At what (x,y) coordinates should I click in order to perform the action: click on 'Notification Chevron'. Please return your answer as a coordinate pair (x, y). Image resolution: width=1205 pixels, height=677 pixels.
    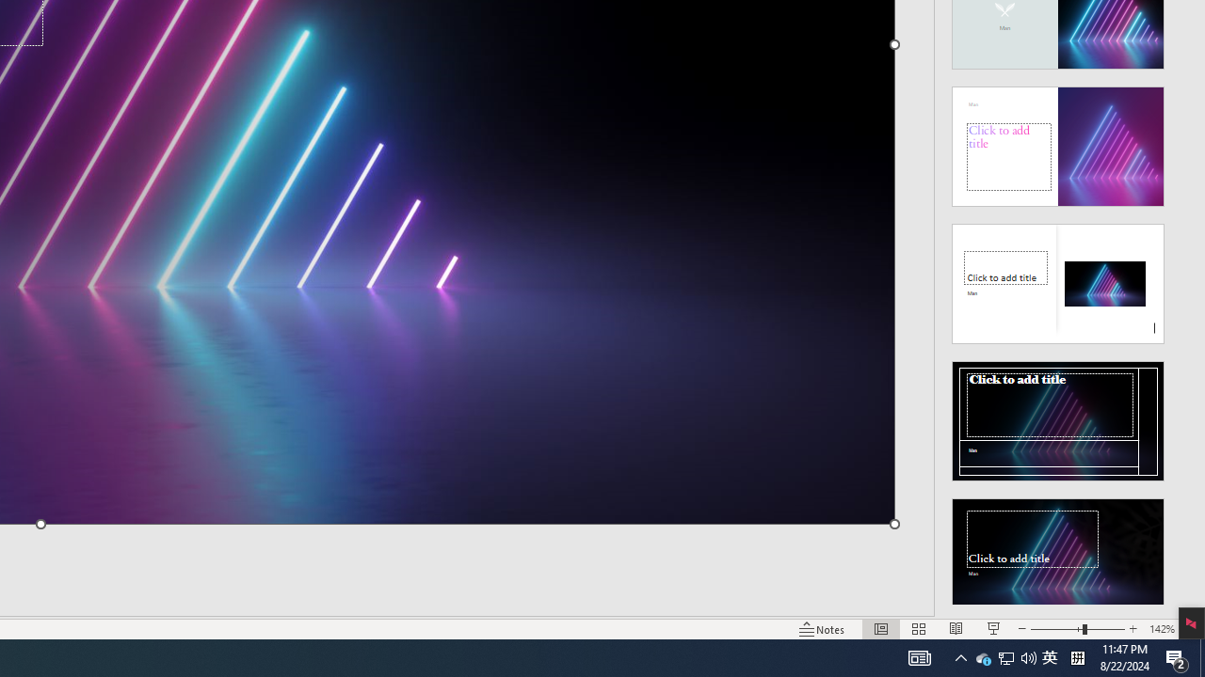
    Looking at the image, I should click on (960, 656).